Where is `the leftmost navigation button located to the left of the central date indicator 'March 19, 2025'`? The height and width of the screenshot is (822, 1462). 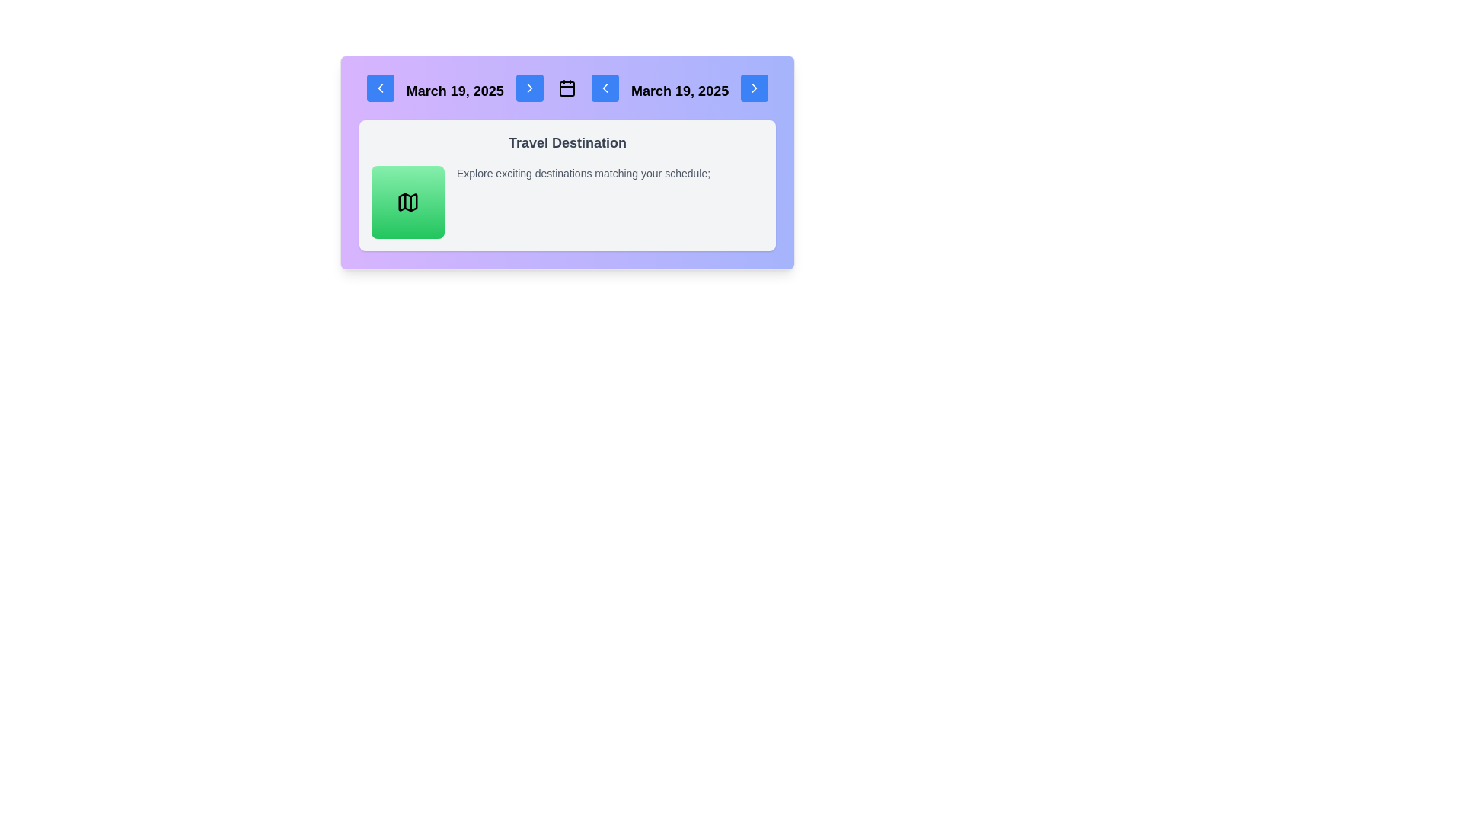 the leftmost navigation button located to the left of the central date indicator 'March 19, 2025' is located at coordinates (605, 88).